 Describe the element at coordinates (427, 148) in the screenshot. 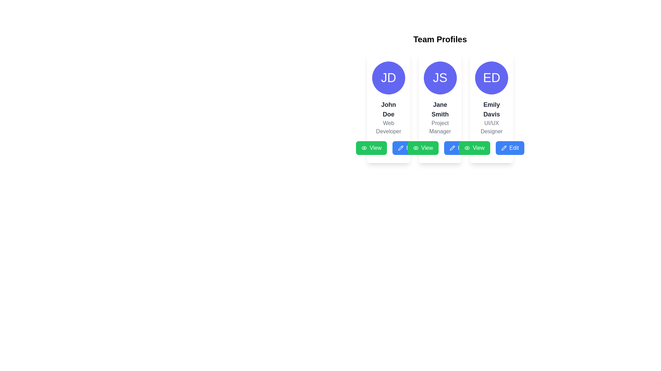

I see `the text label within the green button located below the profile titled 'Jane Smith', positioned to the right of the eye icon` at that location.